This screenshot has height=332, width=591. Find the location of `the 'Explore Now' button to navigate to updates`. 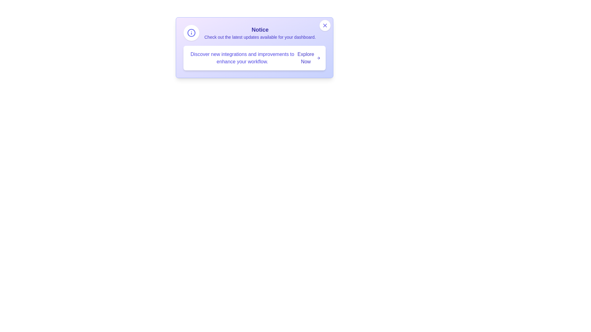

the 'Explore Now' button to navigate to updates is located at coordinates (308, 58).